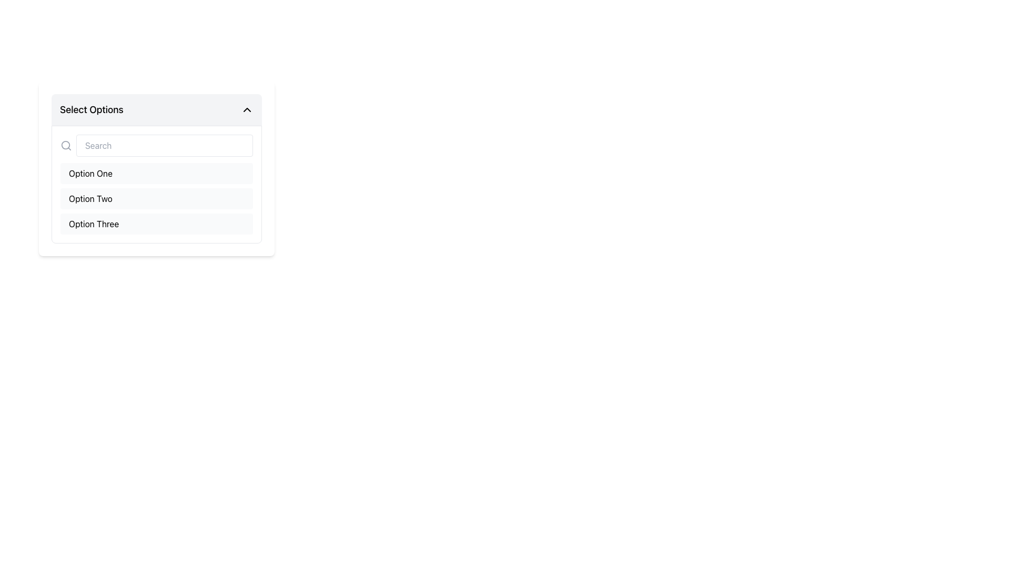 Image resolution: width=1010 pixels, height=568 pixels. Describe the element at coordinates (247, 109) in the screenshot. I see `the interactive icon located in the upper right corner of the 'Select Options' header` at that location.